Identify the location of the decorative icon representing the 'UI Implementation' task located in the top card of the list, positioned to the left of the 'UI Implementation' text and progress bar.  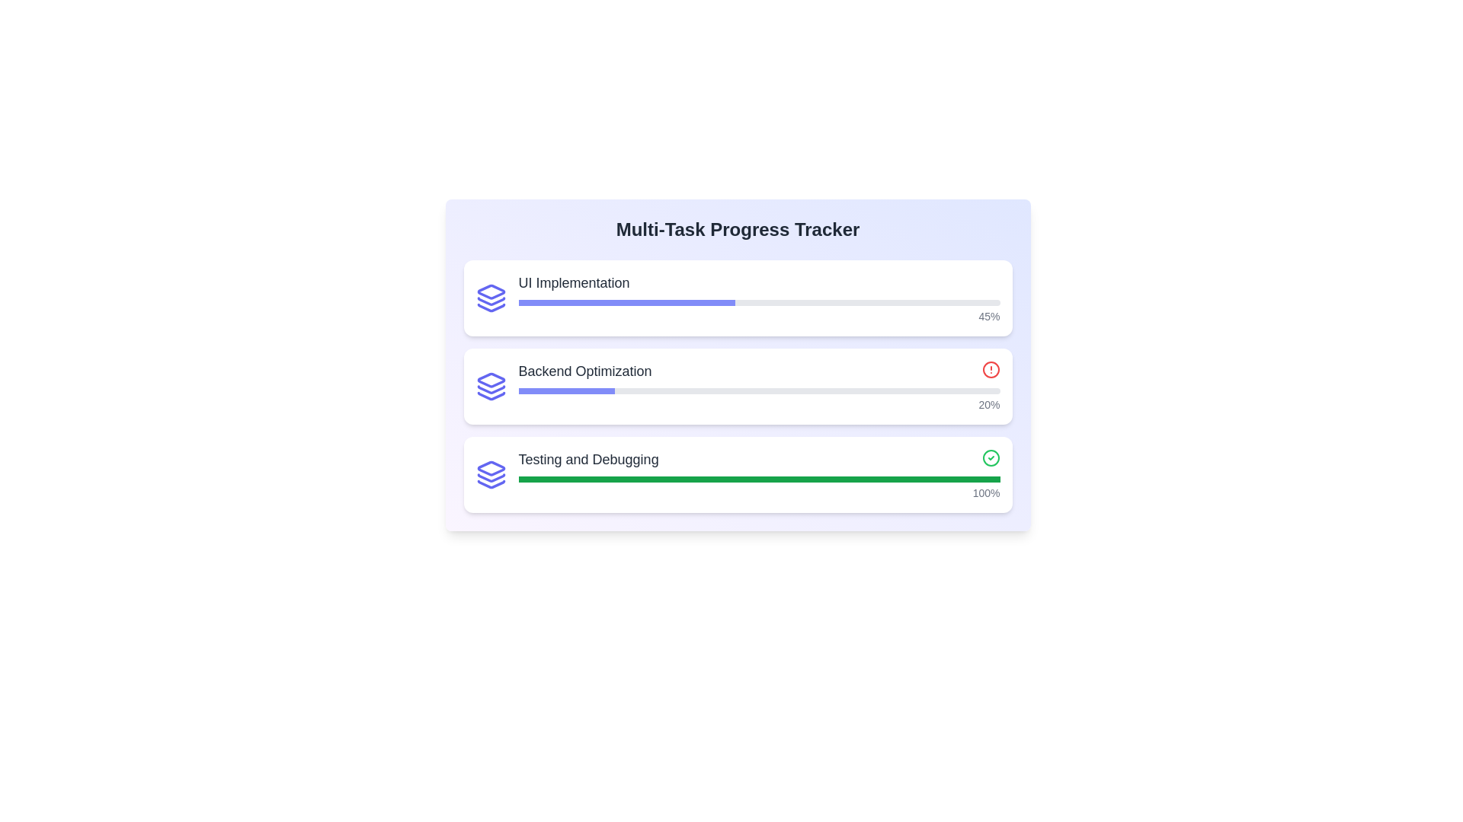
(491, 298).